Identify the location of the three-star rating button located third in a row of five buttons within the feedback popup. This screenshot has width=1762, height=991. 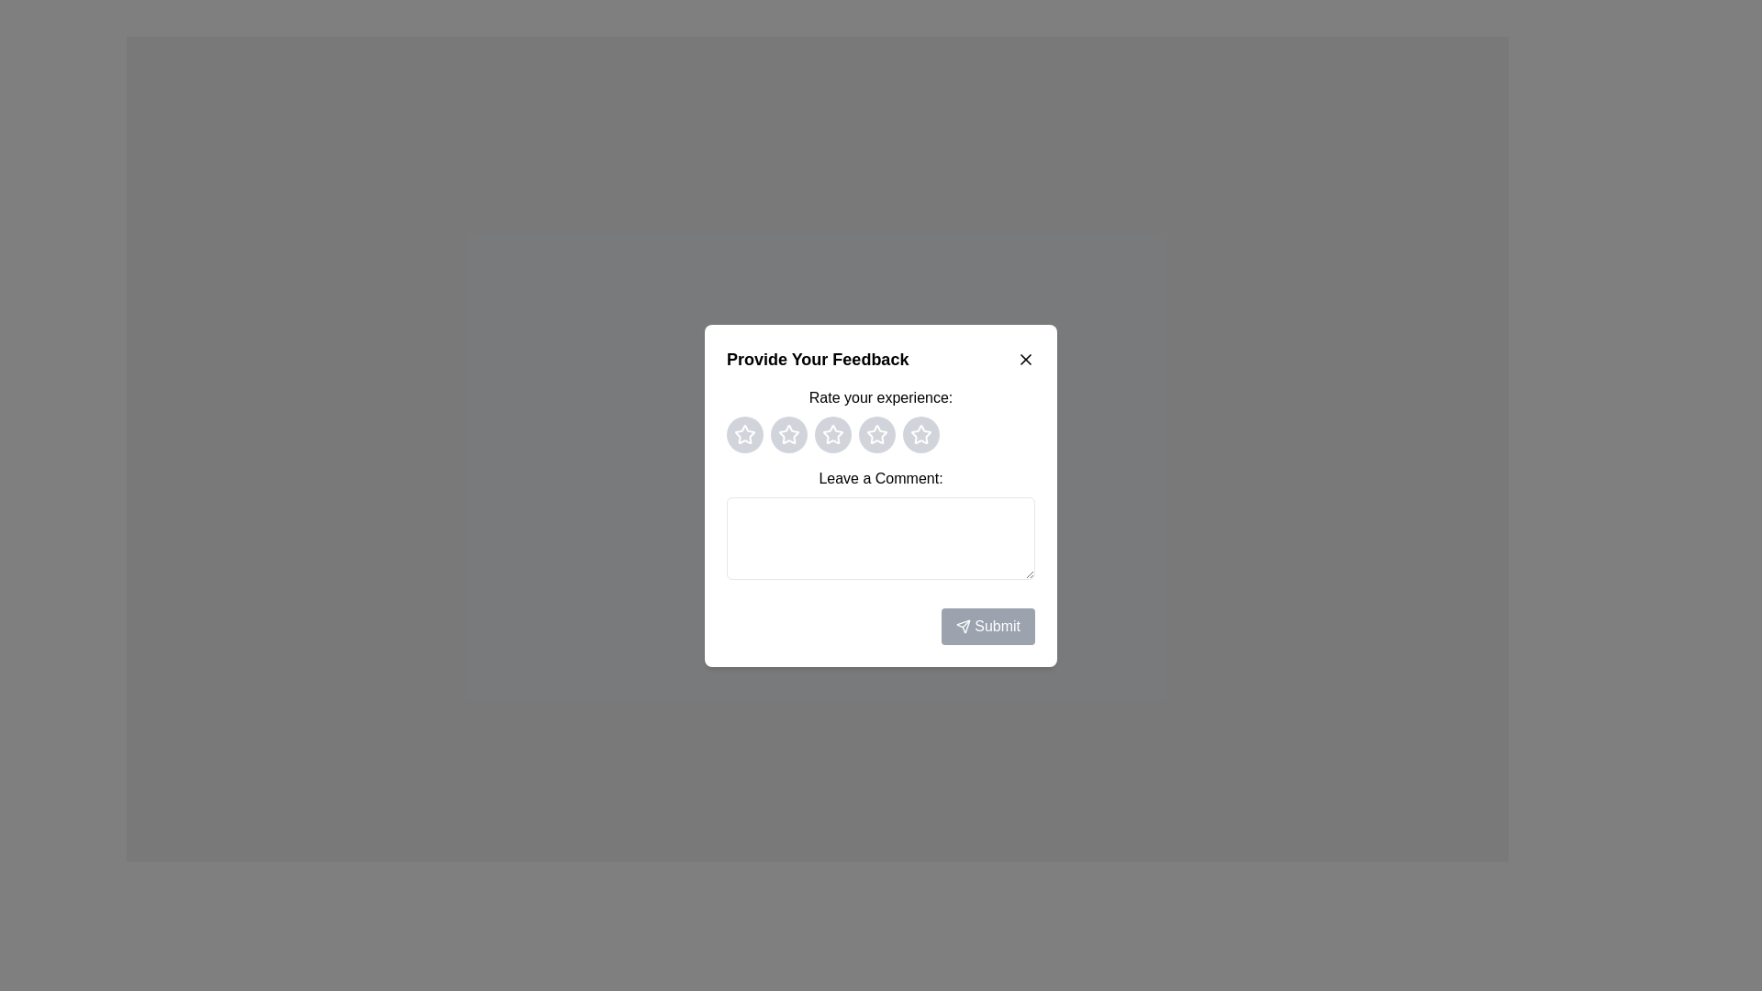
(831, 434).